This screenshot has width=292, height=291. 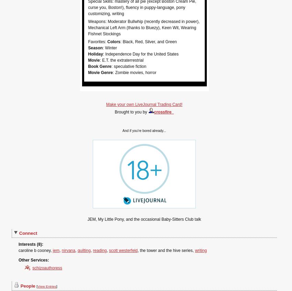 I want to click on 'Connect', so click(x=28, y=233).